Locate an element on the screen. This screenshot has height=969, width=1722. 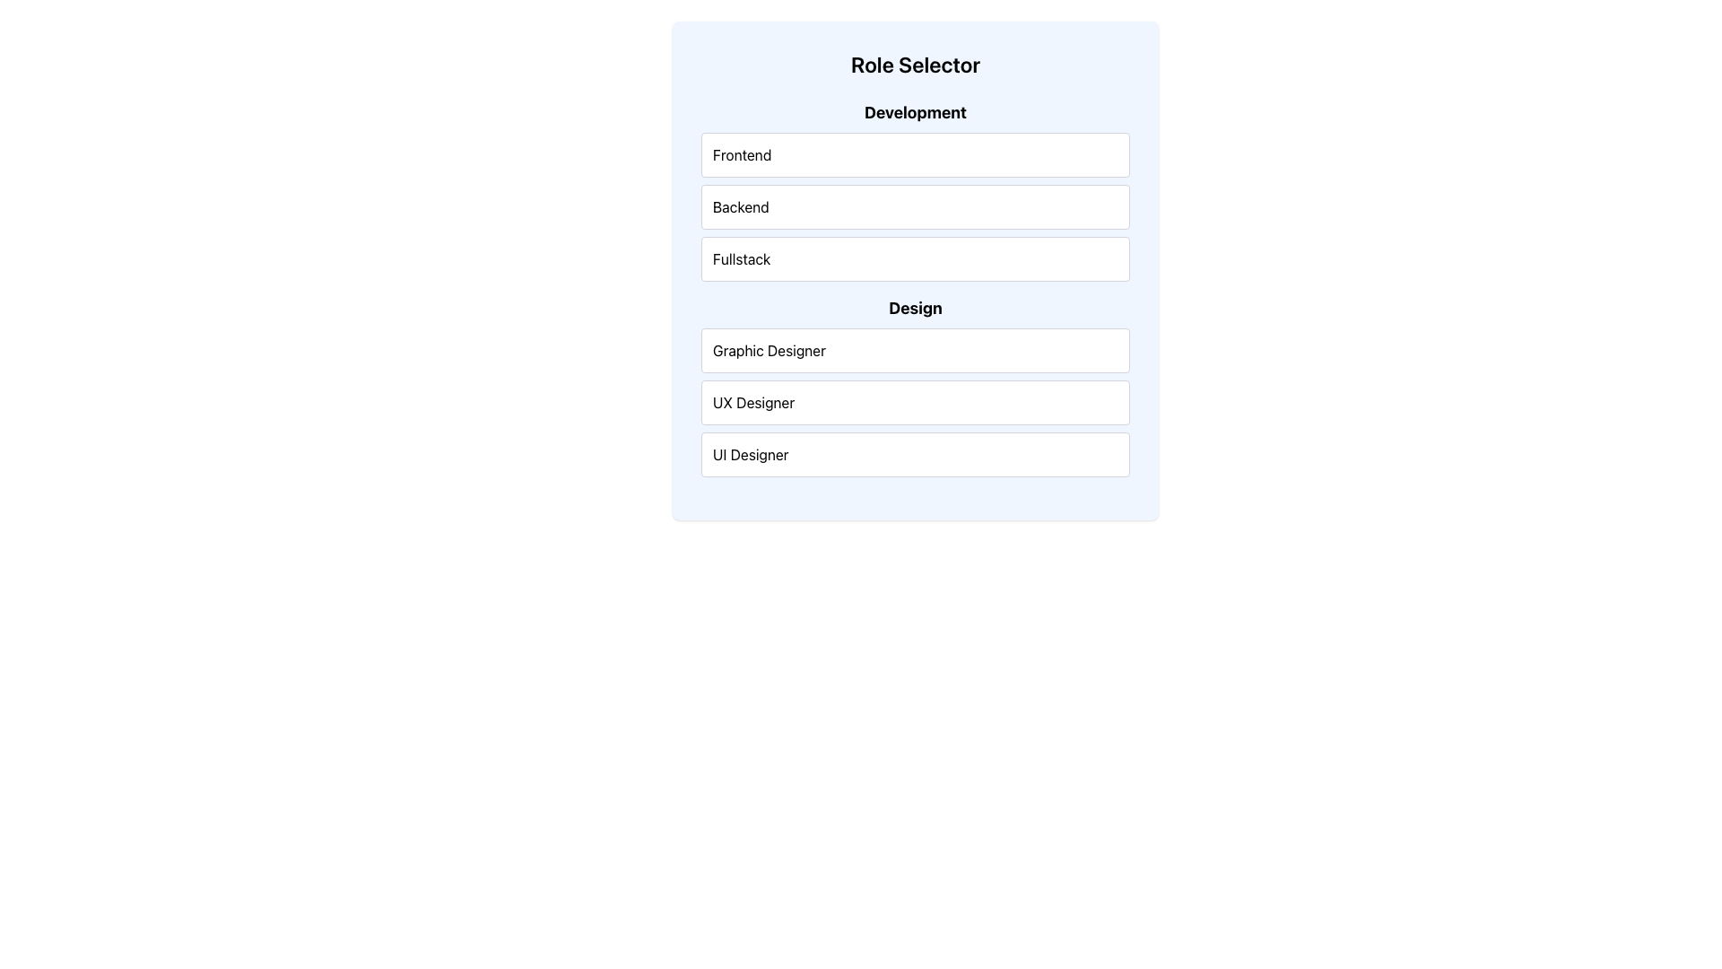
the 'Backend' button, which is the second button in the 'Development' section is located at coordinates (916, 206).